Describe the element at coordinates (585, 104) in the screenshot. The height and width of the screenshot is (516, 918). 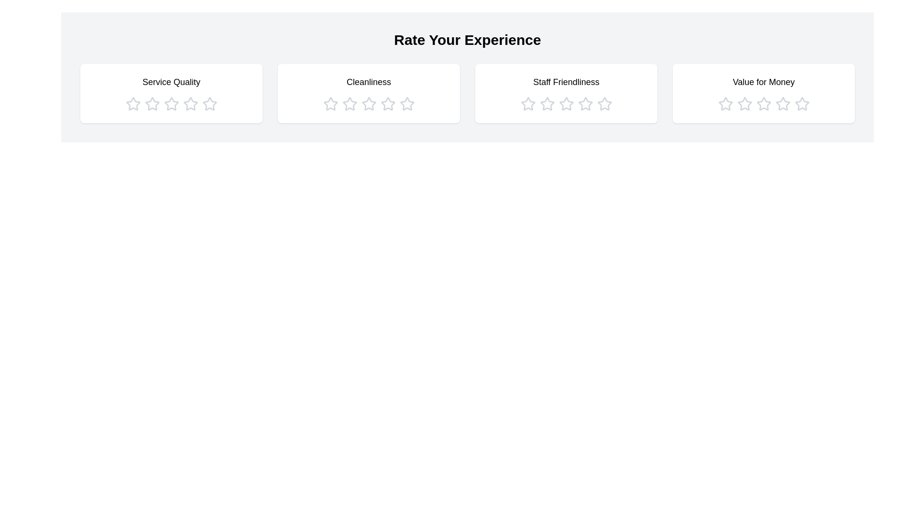
I see `the star icon corresponding to 4 stars in the category Staff Friendliness` at that location.